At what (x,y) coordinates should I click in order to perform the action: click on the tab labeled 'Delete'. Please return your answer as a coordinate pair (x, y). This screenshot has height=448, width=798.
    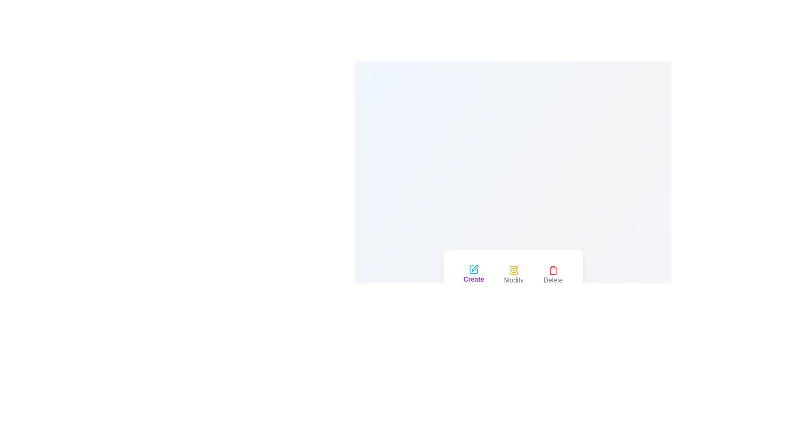
    Looking at the image, I should click on (553, 275).